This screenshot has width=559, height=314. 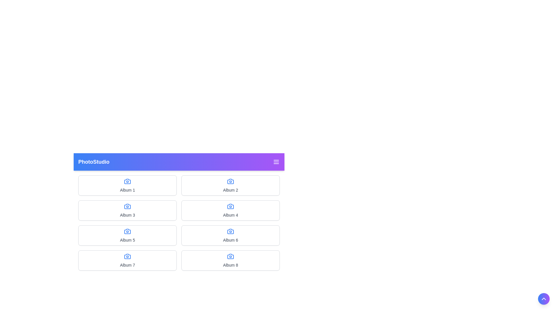 What do you see at coordinates (127, 215) in the screenshot?
I see `text label indicating 'Album 3' located within the fourth card in the second row of the grid layout, under the camera icon` at bounding box center [127, 215].